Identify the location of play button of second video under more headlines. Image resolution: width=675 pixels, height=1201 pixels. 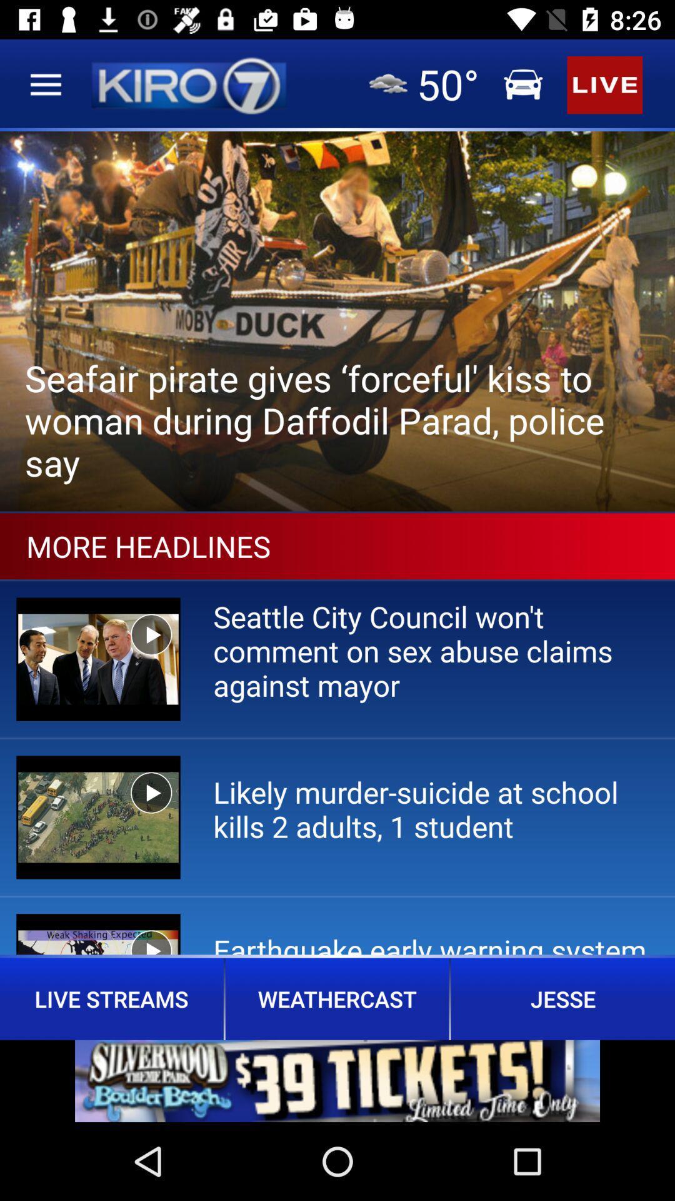
(151, 792).